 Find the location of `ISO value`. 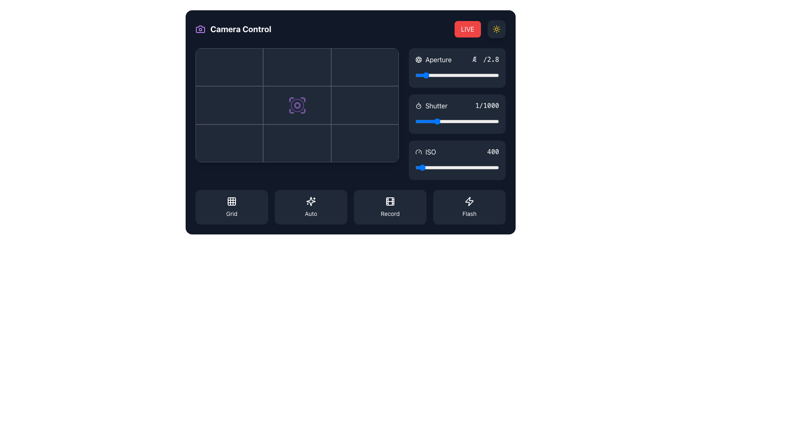

ISO value is located at coordinates (441, 167).